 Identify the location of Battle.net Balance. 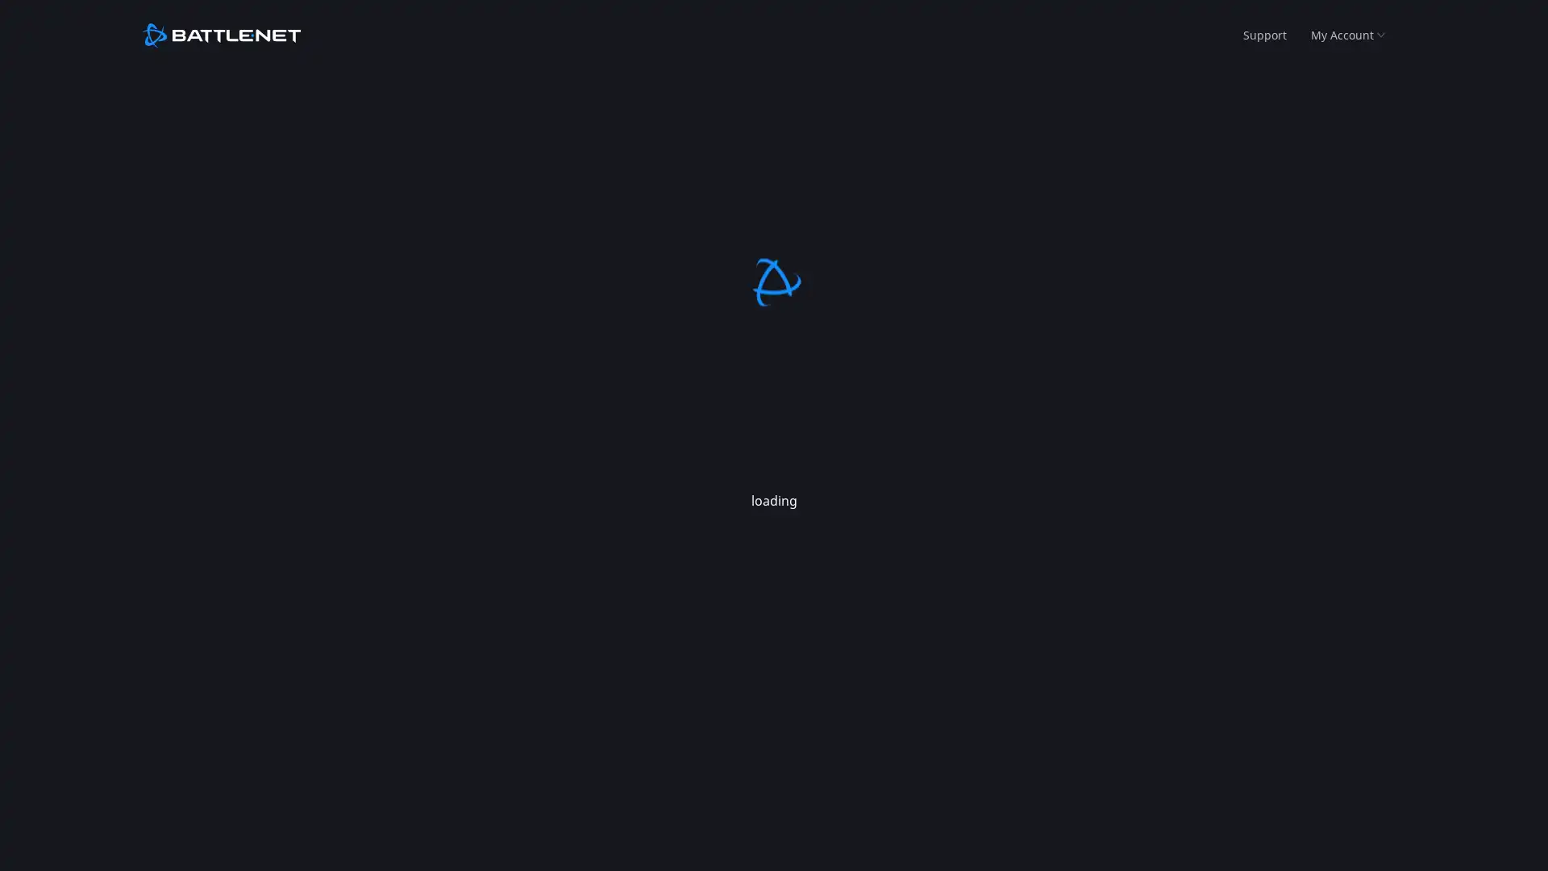
(1338, 90).